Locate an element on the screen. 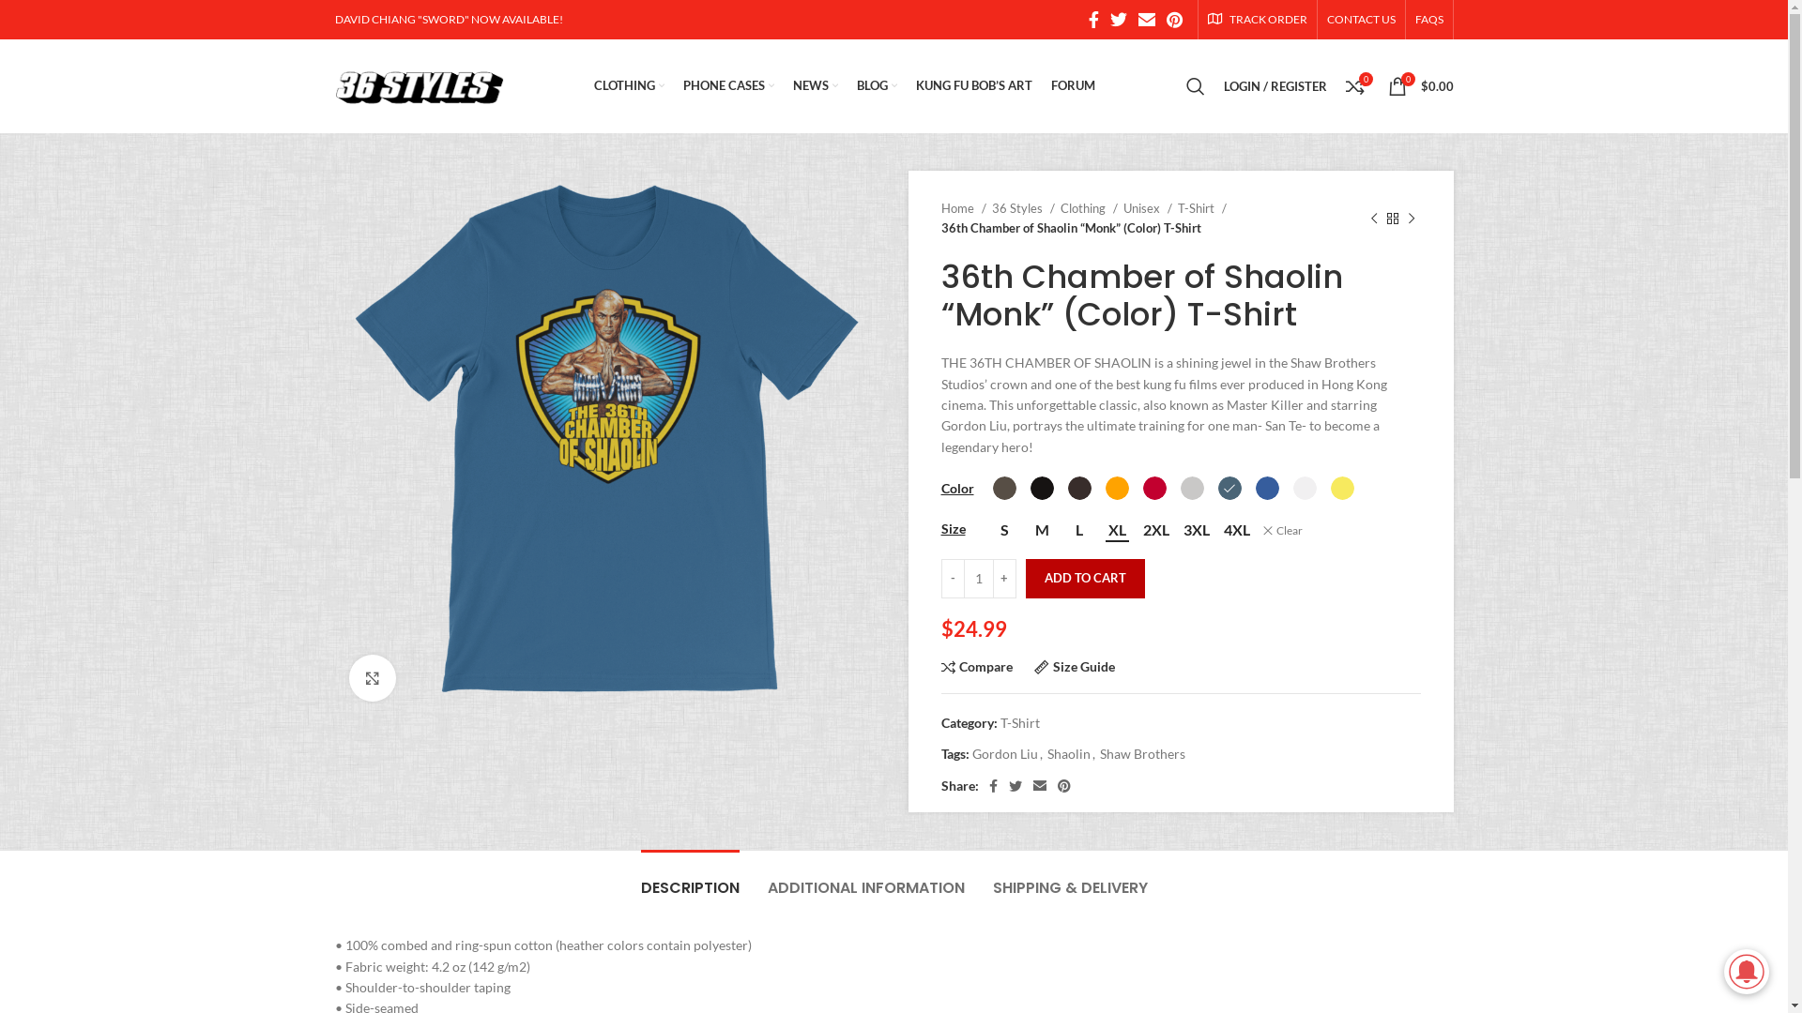 This screenshot has height=1013, width=1802. 'DESCRIPTION' is located at coordinates (688, 878).